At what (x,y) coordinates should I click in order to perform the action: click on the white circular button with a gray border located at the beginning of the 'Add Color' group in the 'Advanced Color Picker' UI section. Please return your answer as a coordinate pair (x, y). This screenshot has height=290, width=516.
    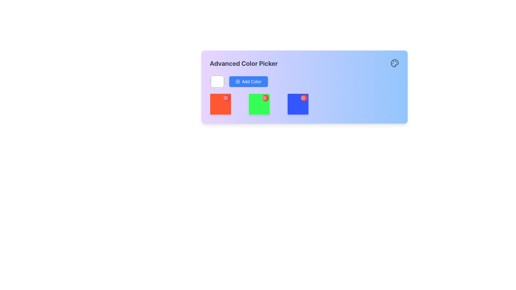
    Looking at the image, I should click on (217, 82).